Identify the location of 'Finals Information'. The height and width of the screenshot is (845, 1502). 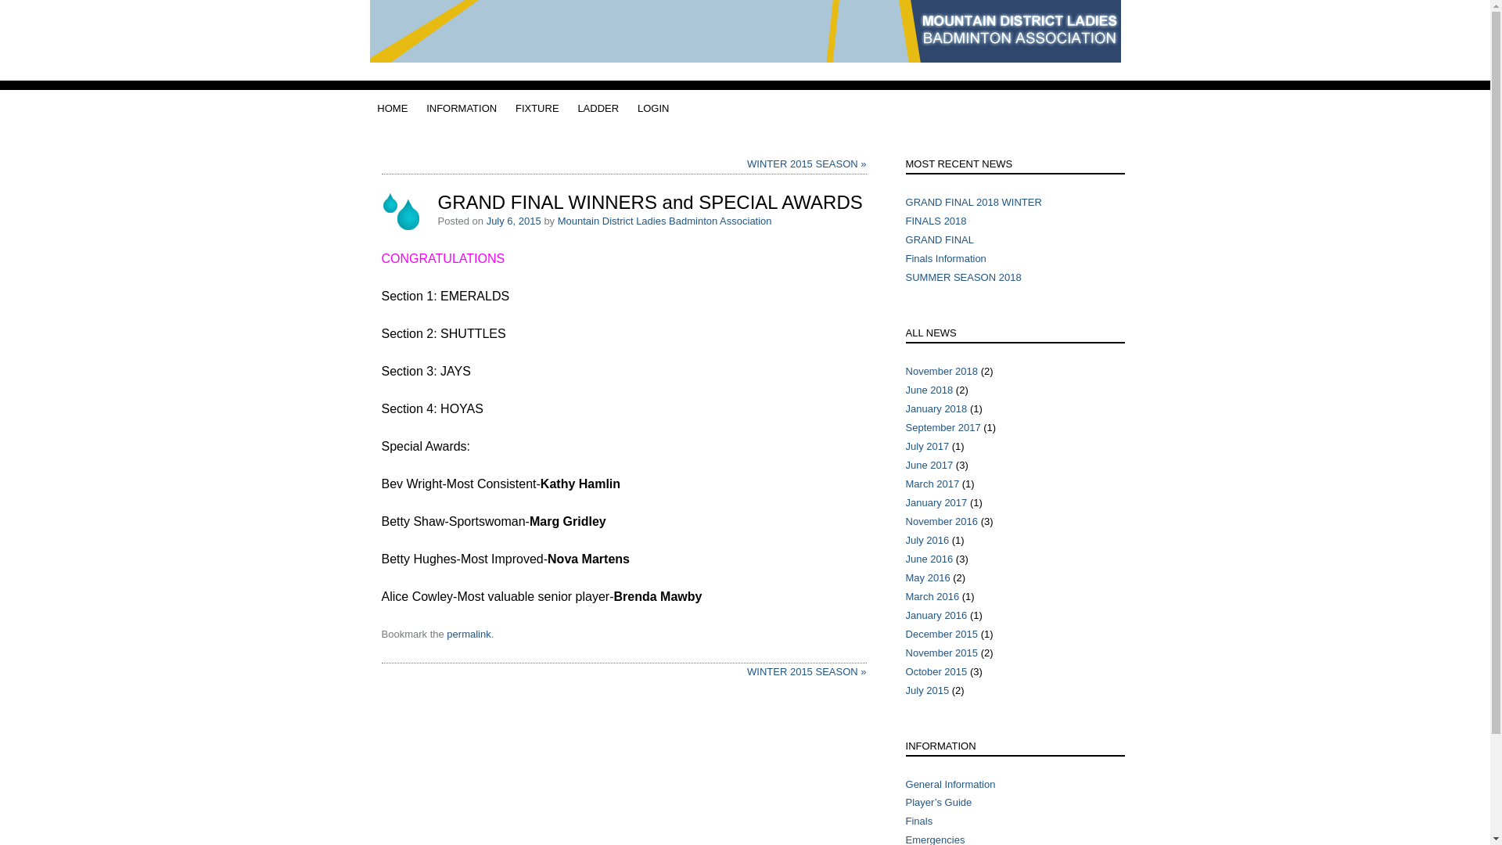
(905, 257).